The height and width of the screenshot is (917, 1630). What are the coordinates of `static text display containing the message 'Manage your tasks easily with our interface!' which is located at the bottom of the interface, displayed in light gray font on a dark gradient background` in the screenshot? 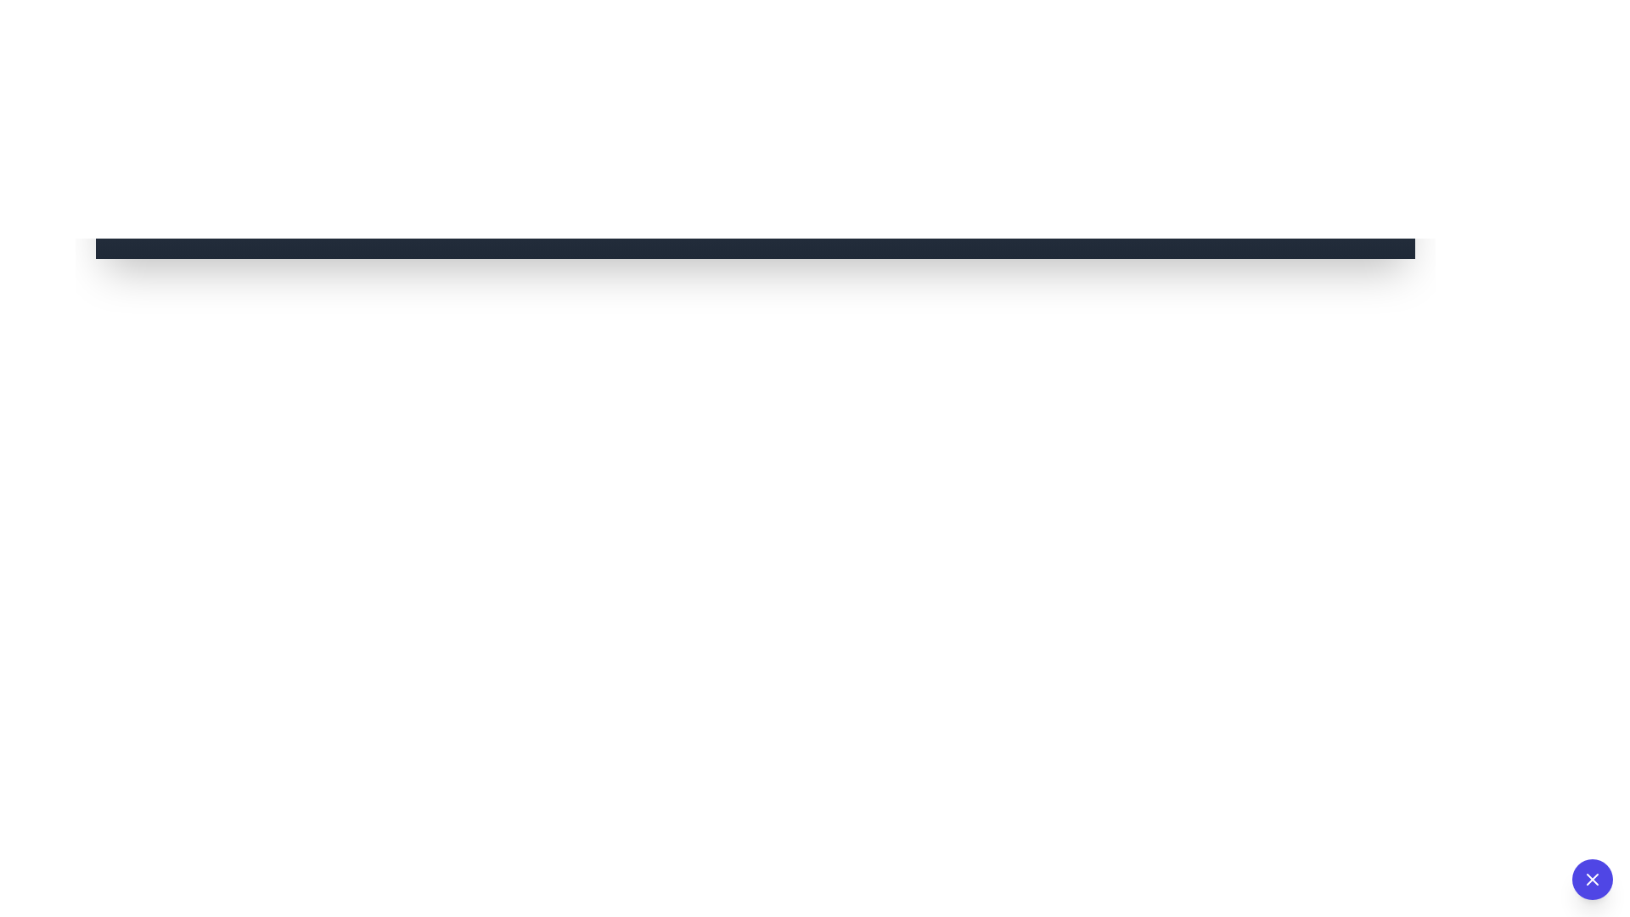 It's located at (754, 232).